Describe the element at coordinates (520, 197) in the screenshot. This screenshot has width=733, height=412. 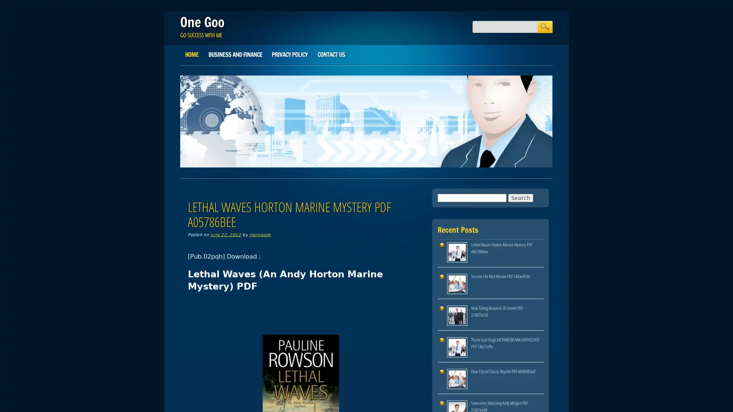
I see `Search` at that location.